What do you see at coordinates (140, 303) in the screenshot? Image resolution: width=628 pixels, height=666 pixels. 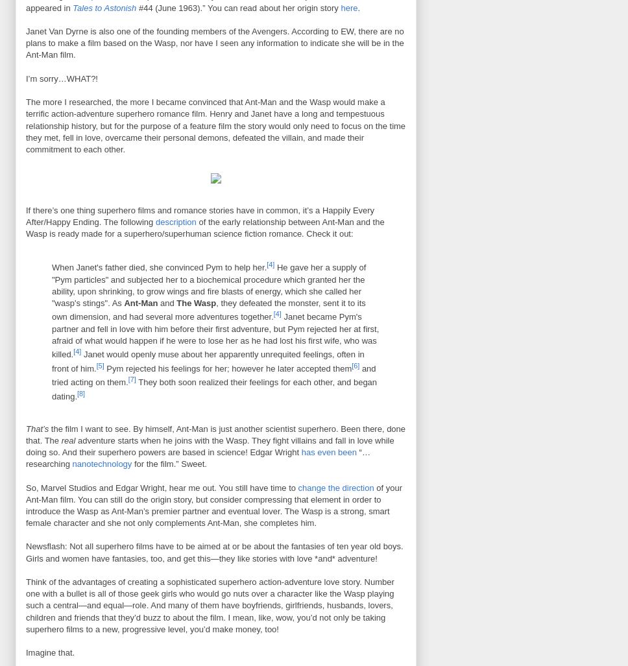 I see `'Ant-Man'` at bounding box center [140, 303].